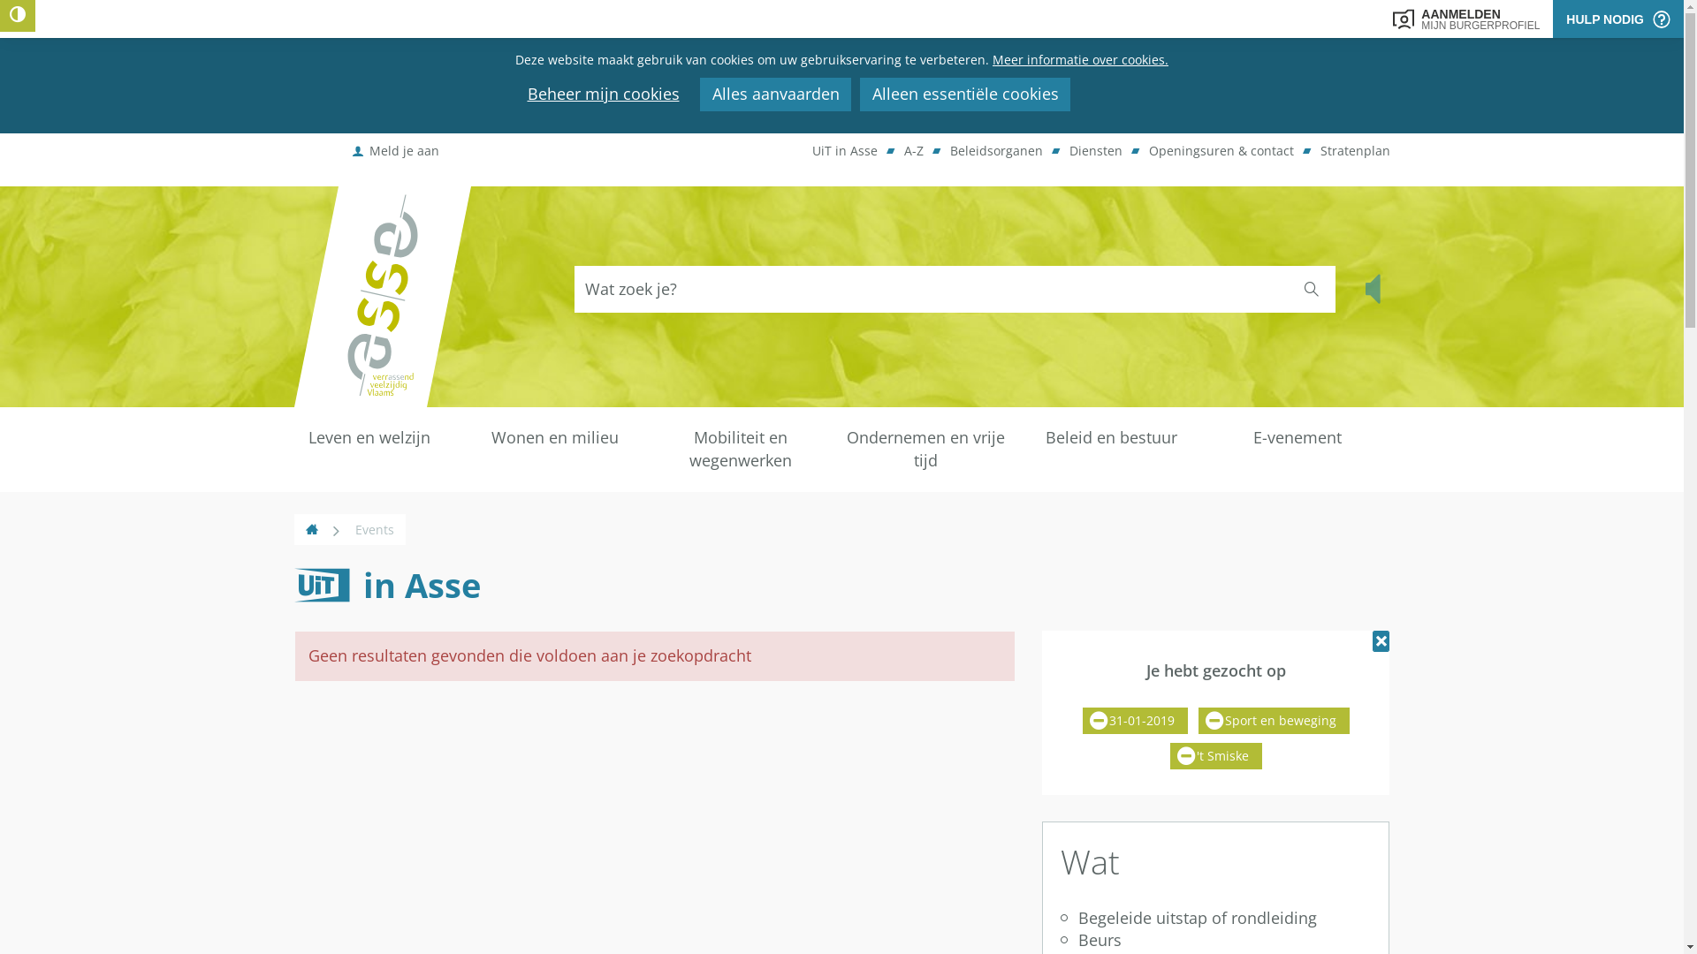  I want to click on 'Beleid en bestuur', so click(1018, 437).